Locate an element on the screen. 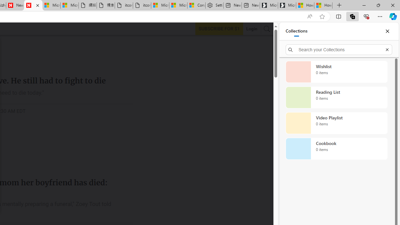 The width and height of the screenshot is (400, 225). 'Wishlist collection, 0 items' is located at coordinates (336, 72).